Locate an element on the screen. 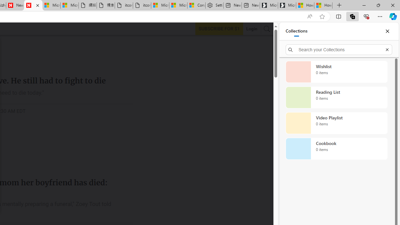 The width and height of the screenshot is (400, 225). 'Wishlist collection, 0 items' is located at coordinates (336, 72).